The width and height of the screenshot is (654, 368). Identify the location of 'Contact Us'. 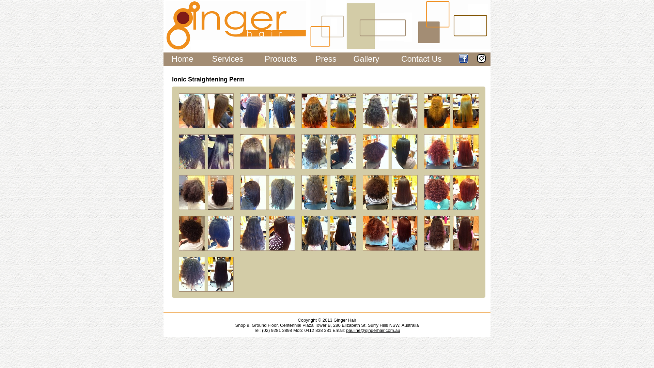
(421, 58).